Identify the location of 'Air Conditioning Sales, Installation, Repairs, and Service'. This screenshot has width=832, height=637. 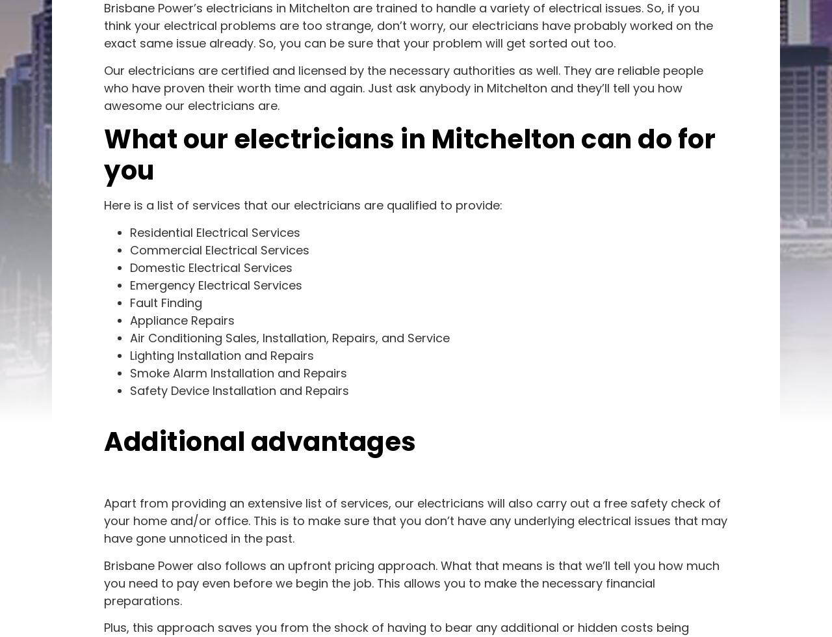
(289, 336).